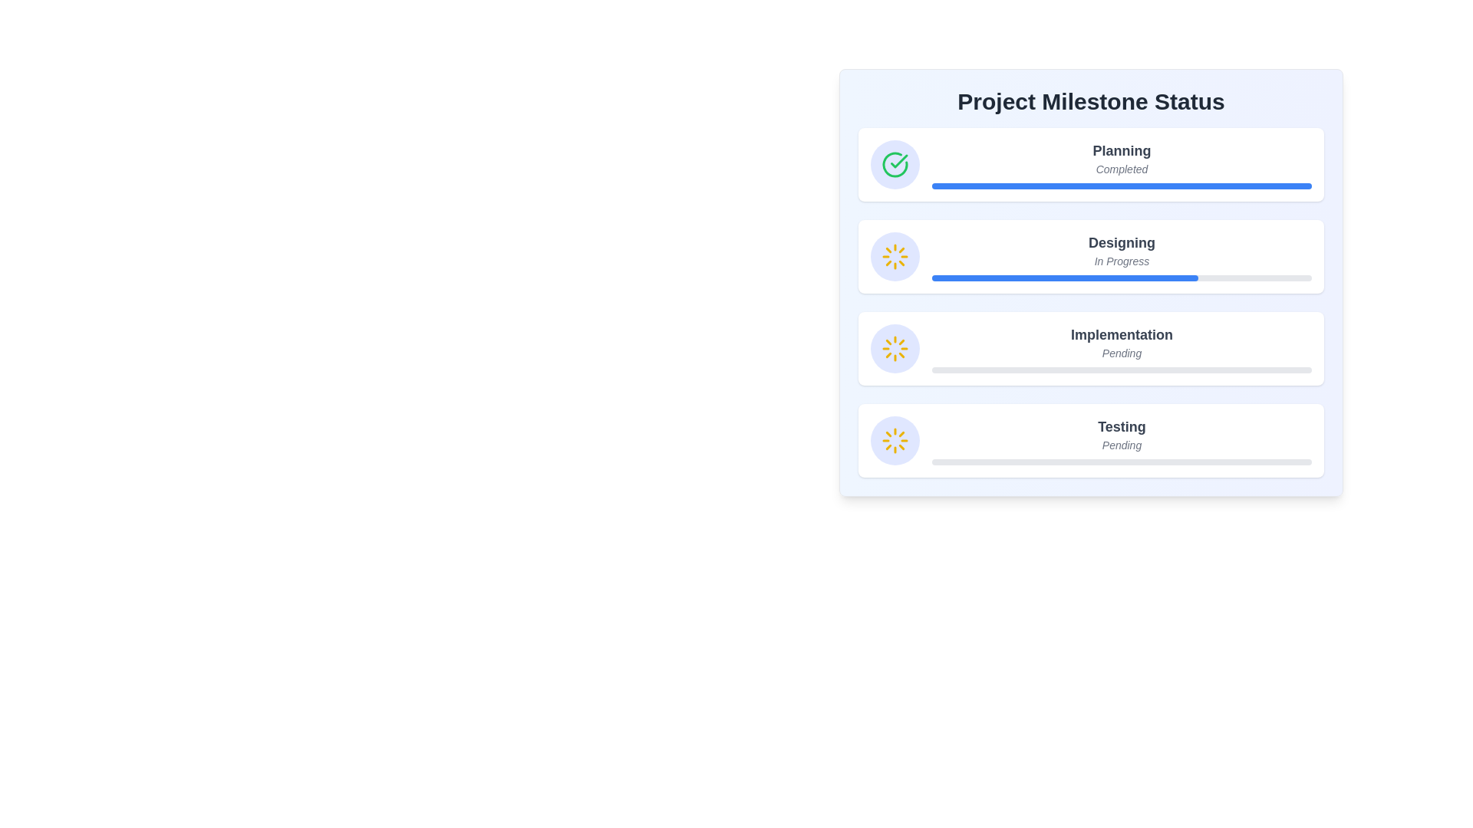  What do you see at coordinates (1122, 169) in the screenshot?
I see `the text label indicating the current state of the 'Planning' milestone, which is positioned beneath the 'Planning' text and above a progress bar` at bounding box center [1122, 169].